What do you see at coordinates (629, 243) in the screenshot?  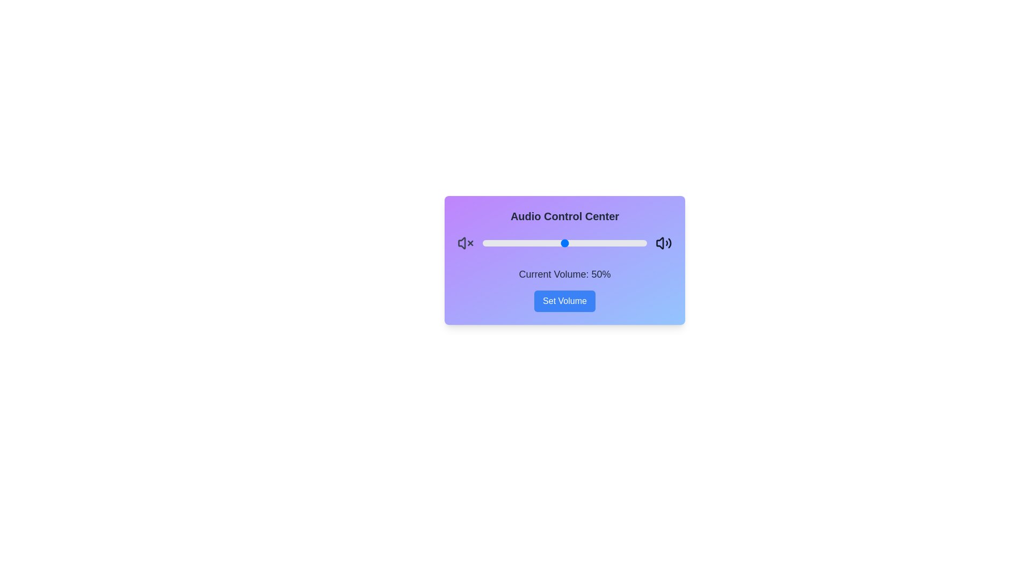 I see `the volume slider to set the volume to 89%` at bounding box center [629, 243].